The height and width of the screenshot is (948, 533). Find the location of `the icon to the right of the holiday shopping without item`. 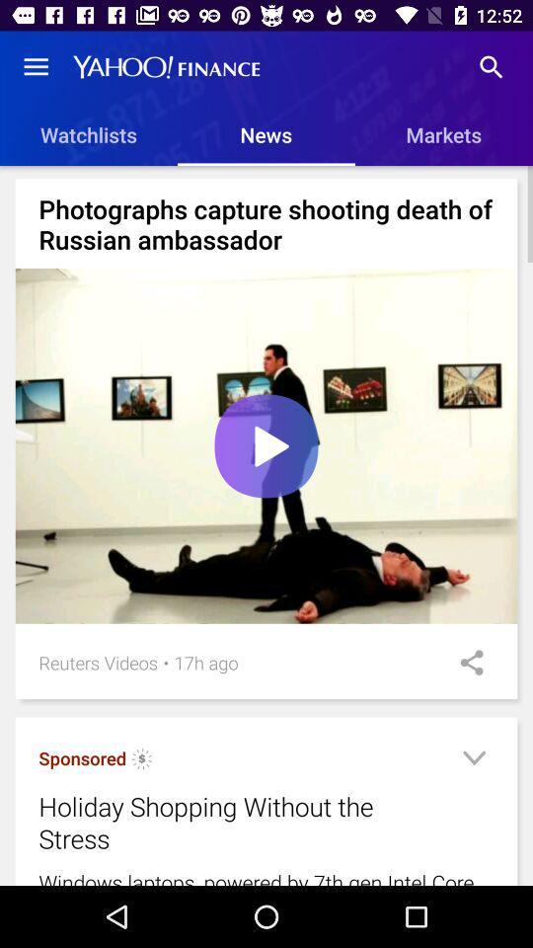

the icon to the right of the holiday shopping without item is located at coordinates (473, 760).